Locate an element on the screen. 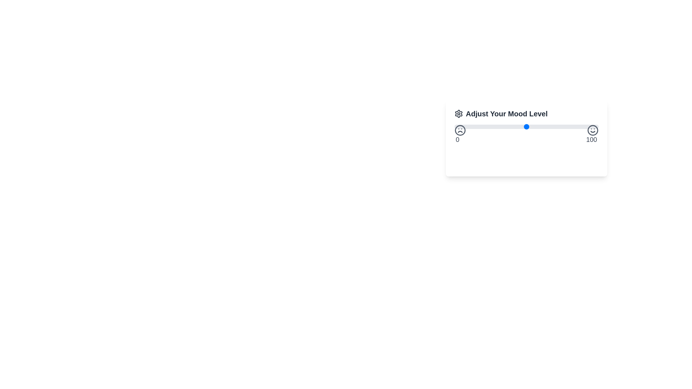 This screenshot has width=692, height=389. mood level is located at coordinates (480, 126).